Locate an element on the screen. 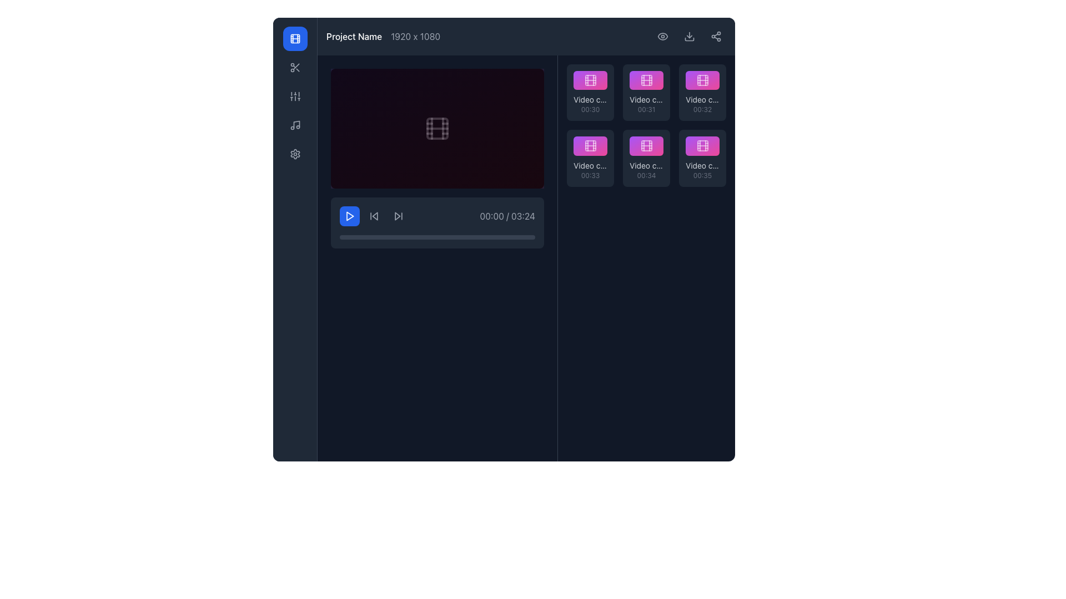  text displayed in the Text label that shows the project's video resolution dimensions, located to the right of the 'Project Name' text is located at coordinates (415, 35).